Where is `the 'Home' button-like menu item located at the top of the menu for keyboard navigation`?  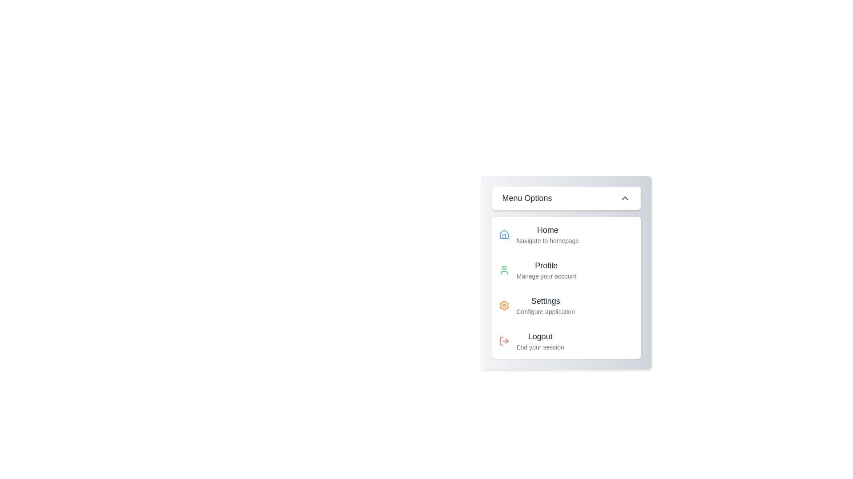
the 'Home' button-like menu item located at the top of the menu for keyboard navigation is located at coordinates (566, 234).